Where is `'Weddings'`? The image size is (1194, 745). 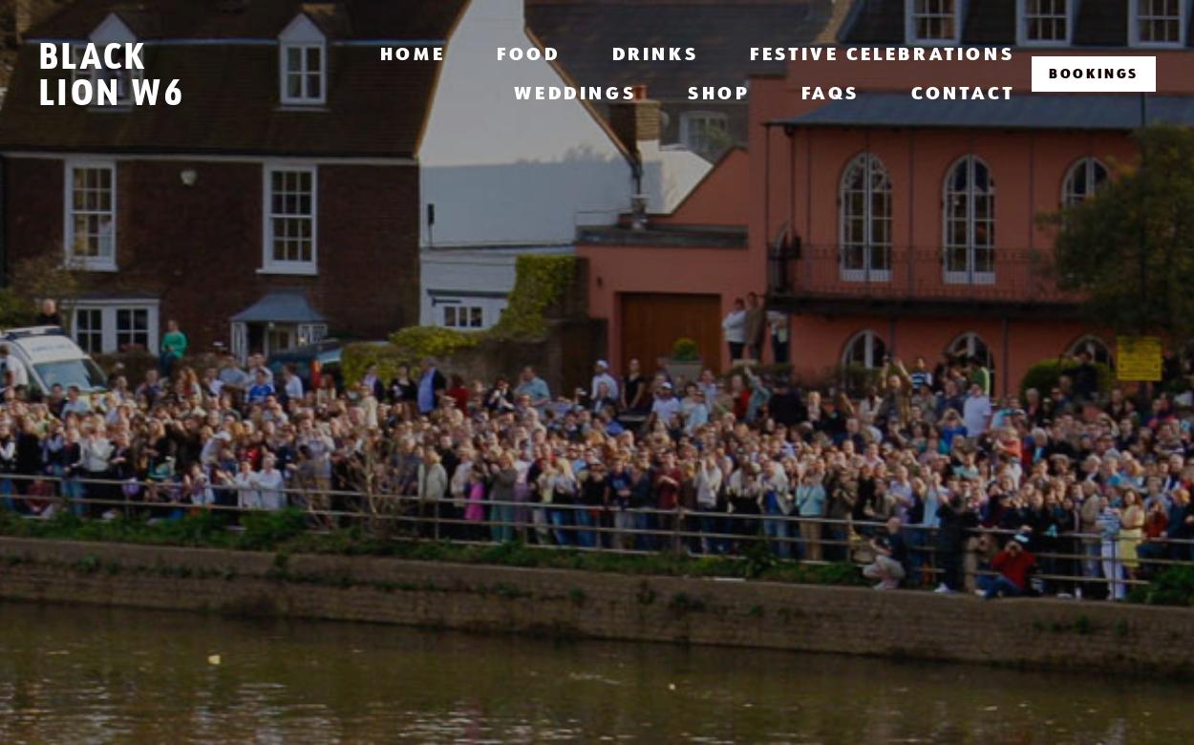
'Weddings' is located at coordinates (574, 93).